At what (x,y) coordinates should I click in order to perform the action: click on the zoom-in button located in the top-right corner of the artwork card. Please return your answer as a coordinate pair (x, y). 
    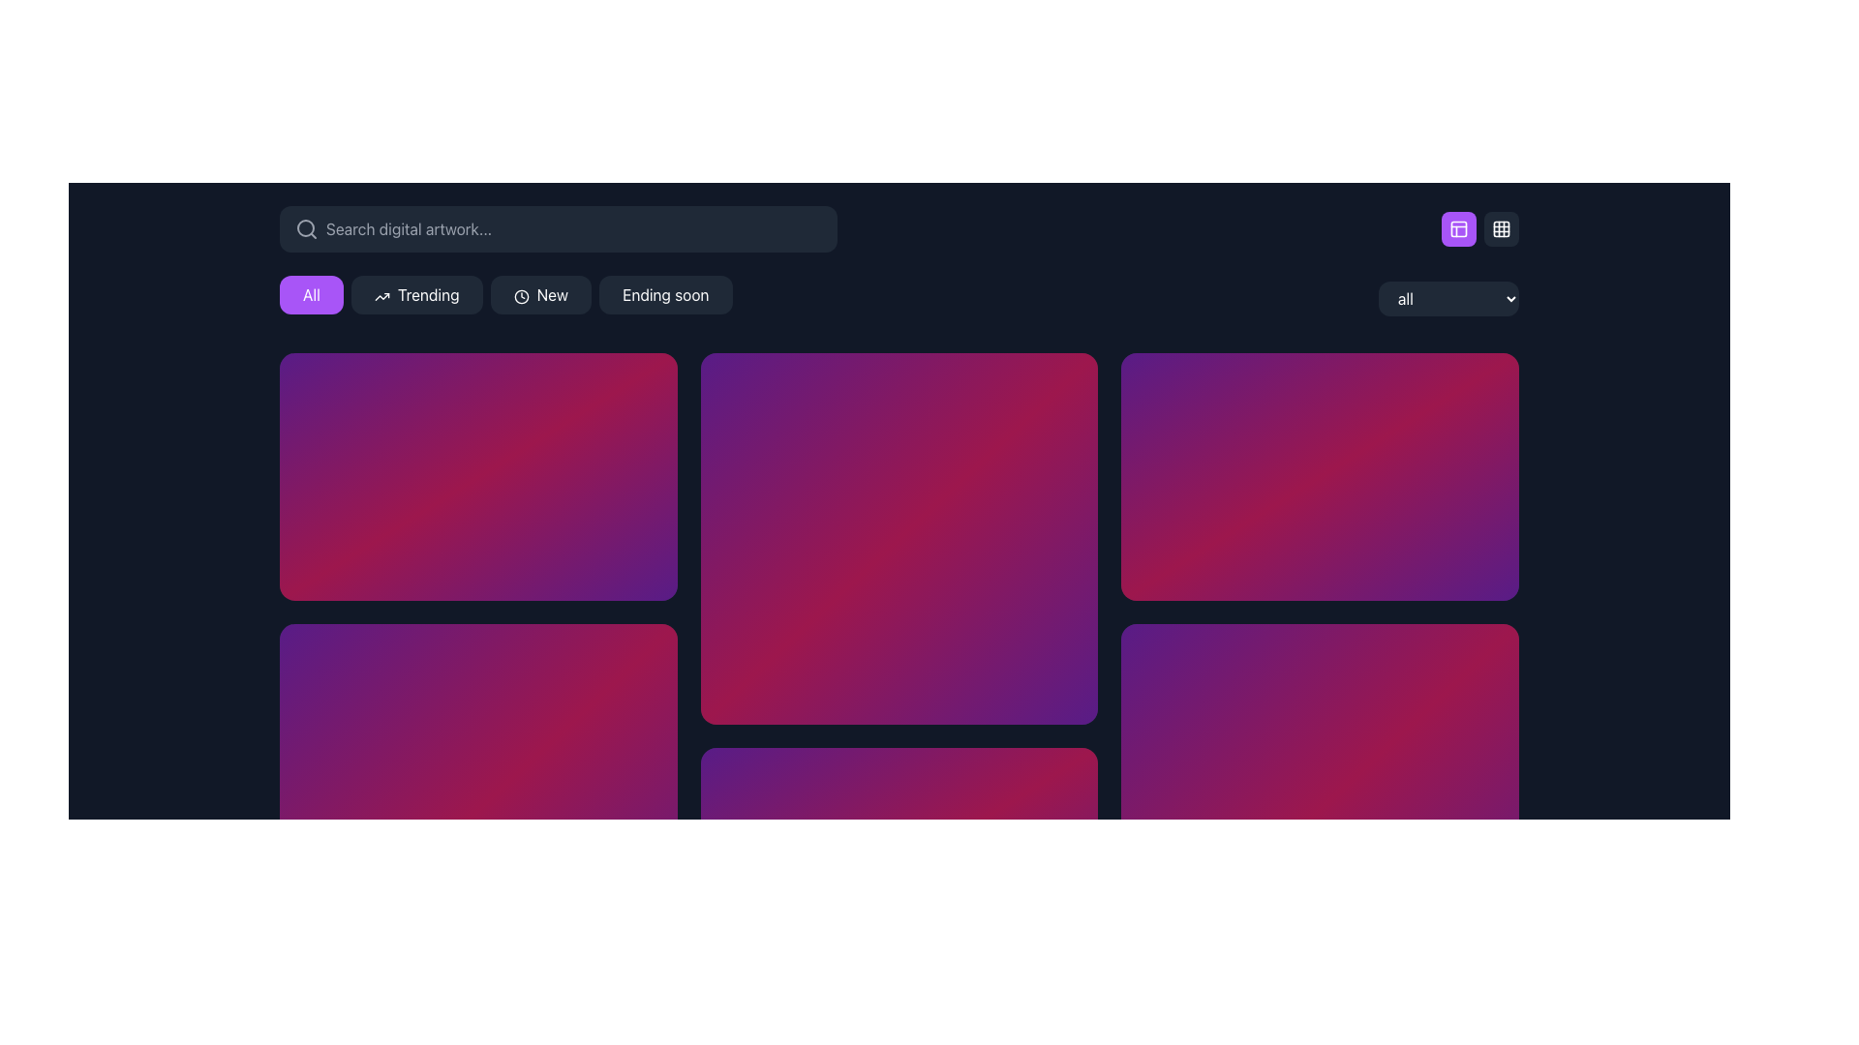
    Looking at the image, I should click on (623, 385).